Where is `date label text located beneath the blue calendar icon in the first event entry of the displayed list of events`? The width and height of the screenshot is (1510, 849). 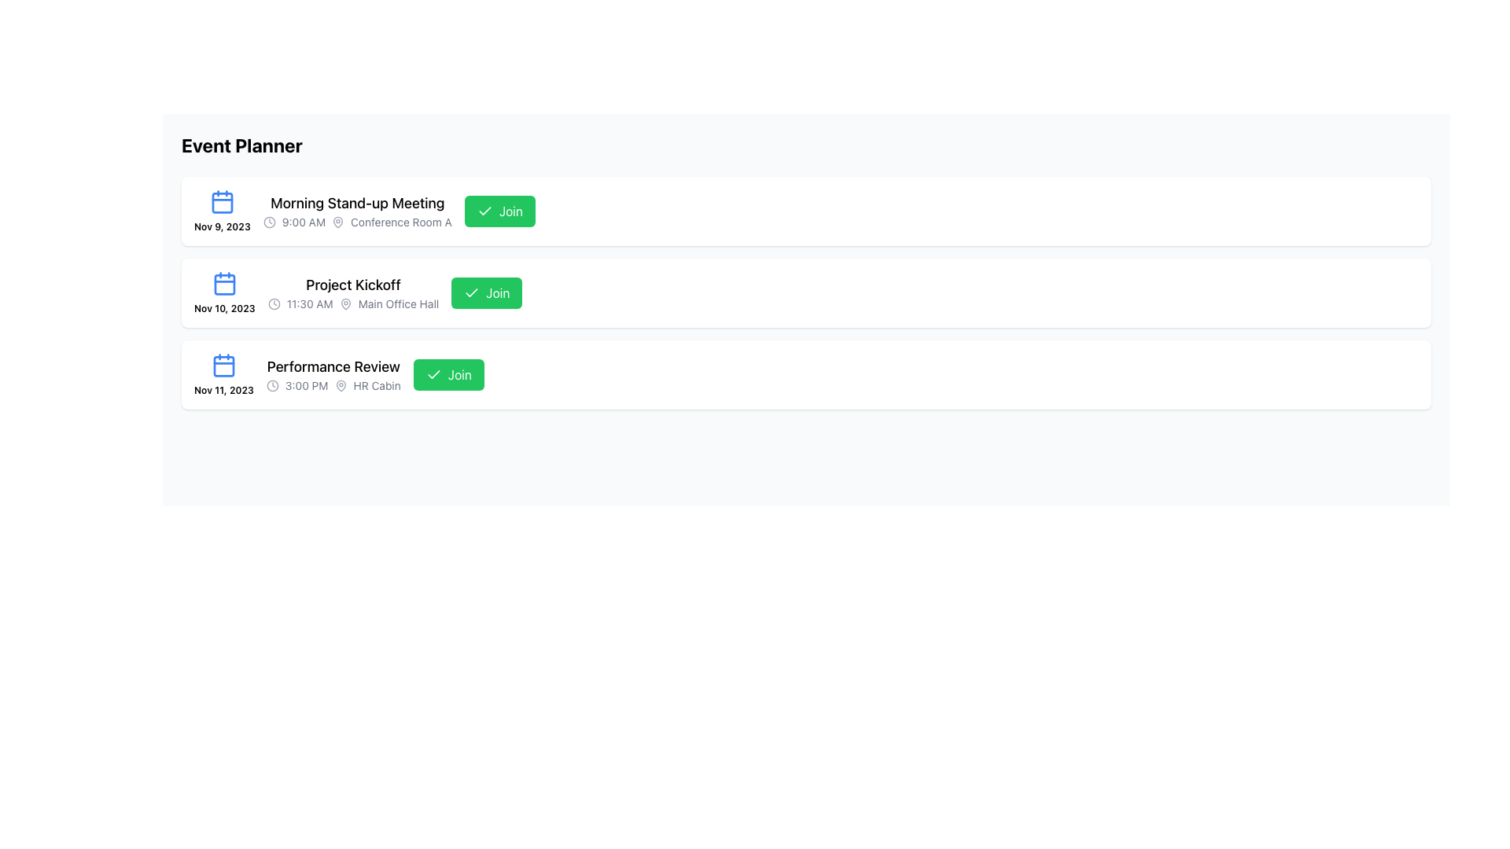 date label text located beneath the blue calendar icon in the first event entry of the displayed list of events is located at coordinates (221, 227).